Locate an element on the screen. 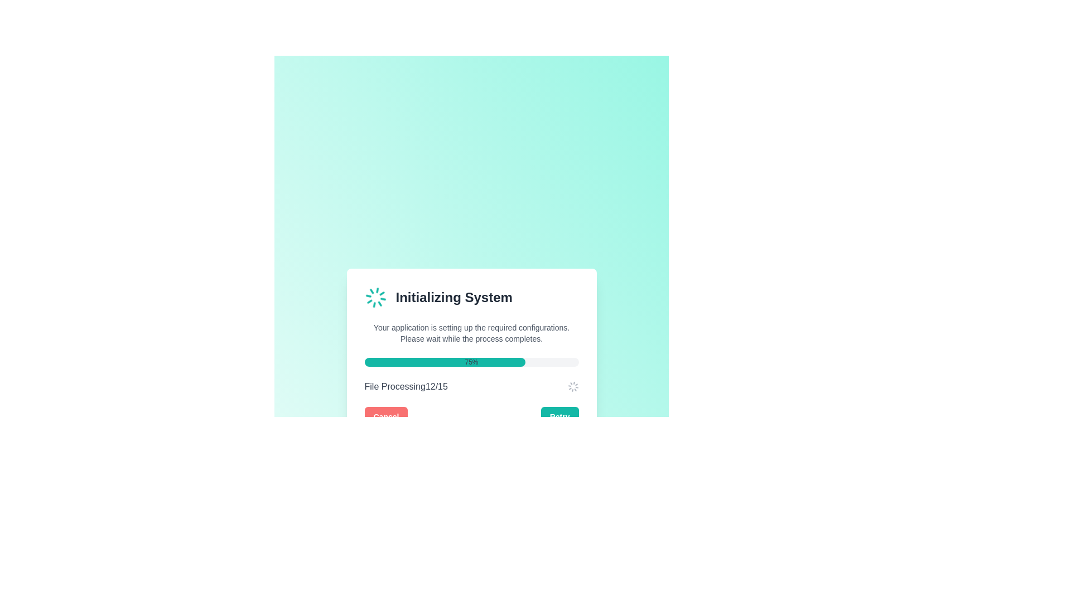 The height and width of the screenshot is (602, 1071). the bold and large text label saying 'Initializing System', which is prominently displayed in dark gray color at the top part of the modal-like main content area is located at coordinates (454, 297).